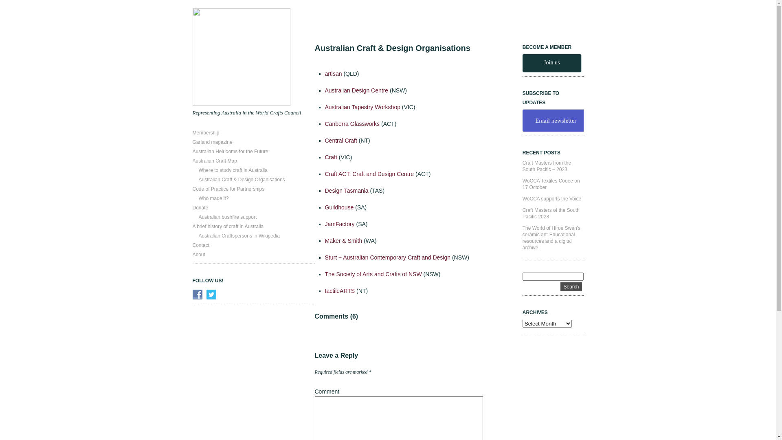 Image resolution: width=782 pixels, height=440 pixels. Describe the element at coordinates (191, 244) in the screenshot. I see `'Contact'` at that location.